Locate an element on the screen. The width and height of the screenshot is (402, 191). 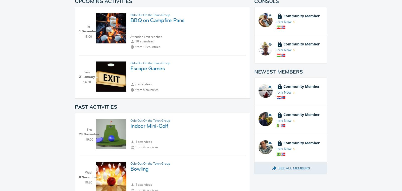
'Attendee limit reached' is located at coordinates (146, 37).